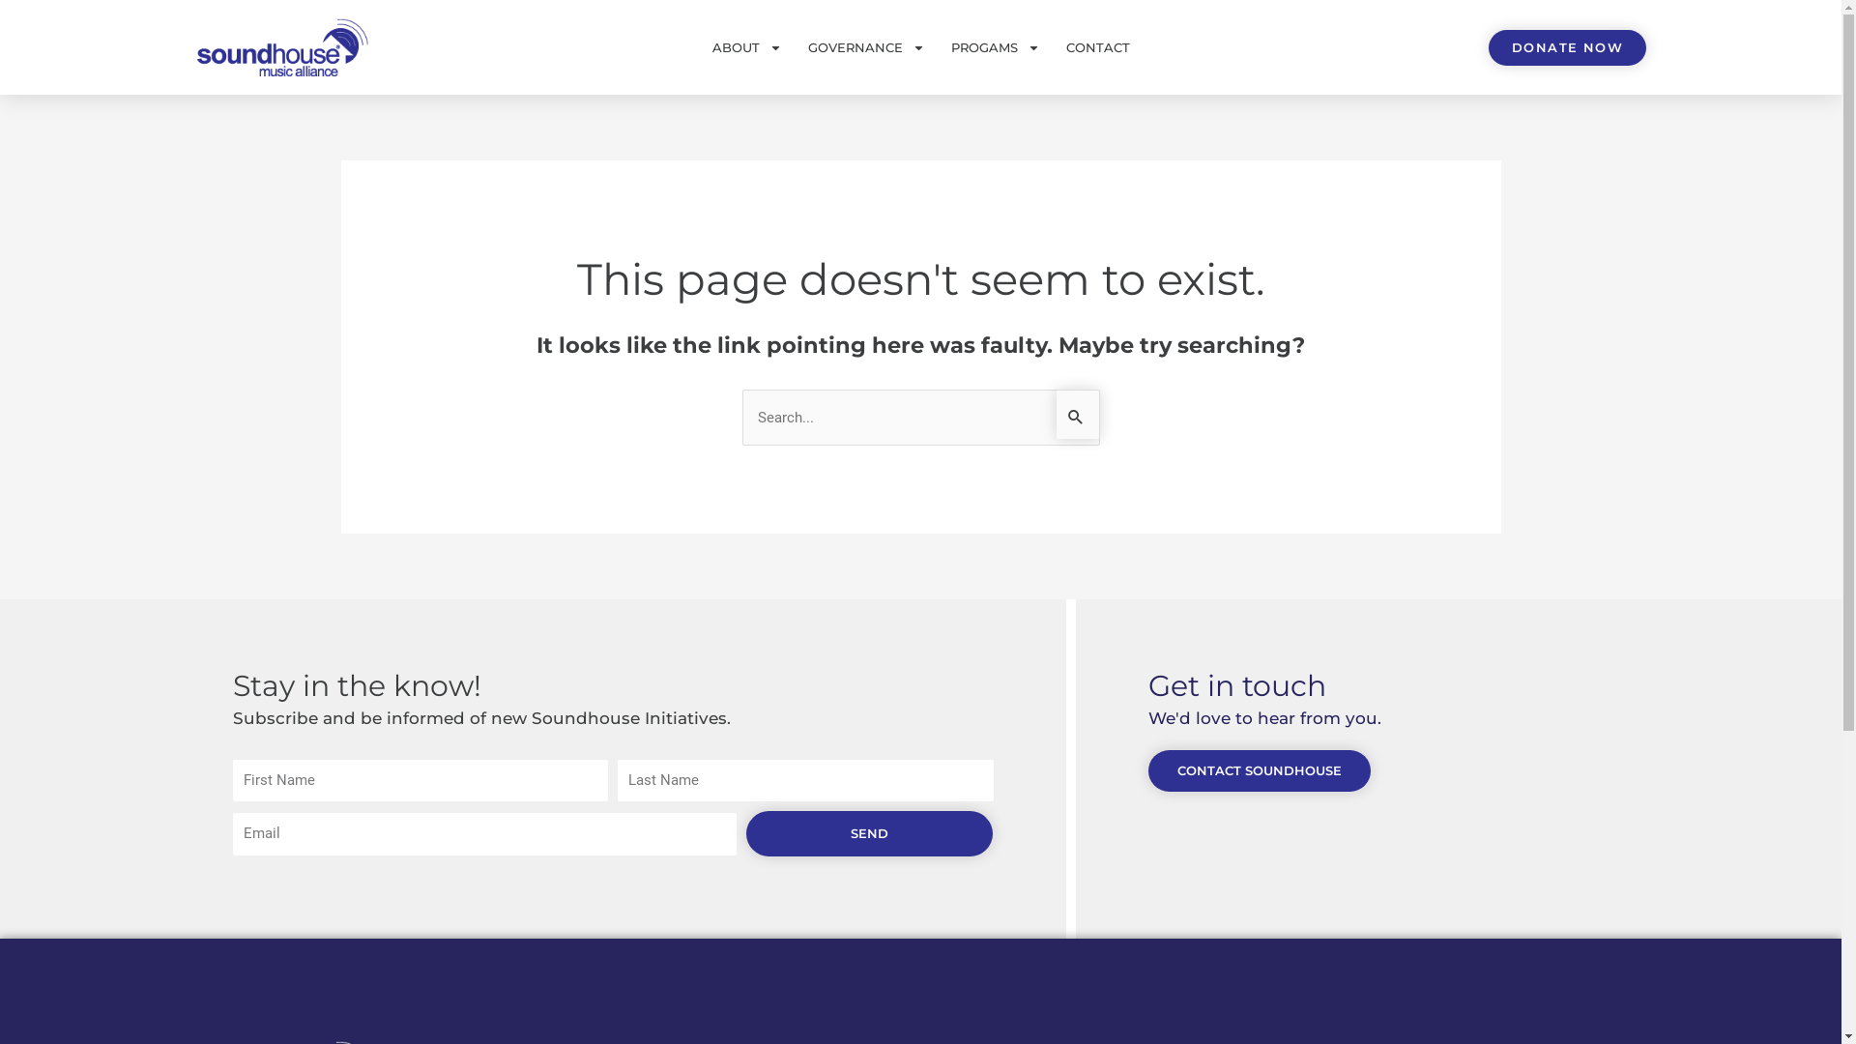 Image resolution: width=1856 pixels, height=1044 pixels. I want to click on 'Search', so click(1076, 413).